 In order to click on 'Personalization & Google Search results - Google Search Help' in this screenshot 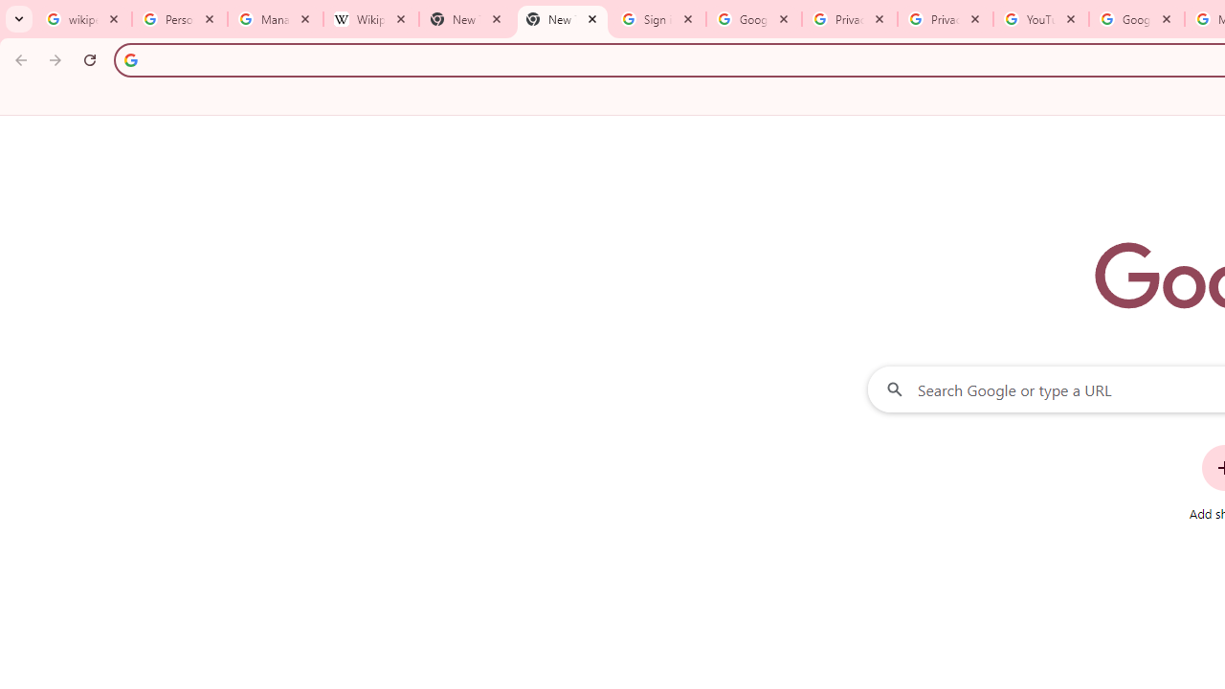, I will do `click(180, 19)`.